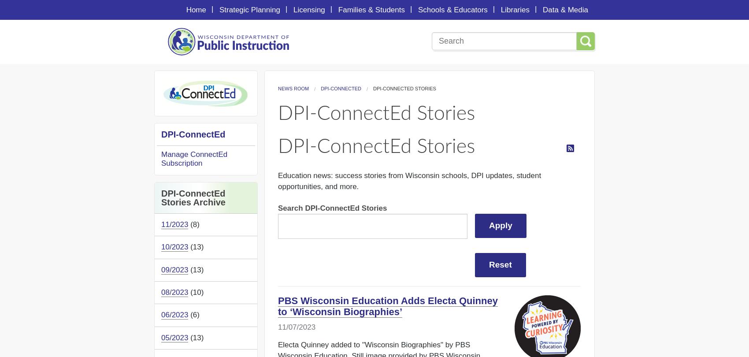 The width and height of the screenshot is (749, 357). I want to click on '08/2023', so click(174, 291).